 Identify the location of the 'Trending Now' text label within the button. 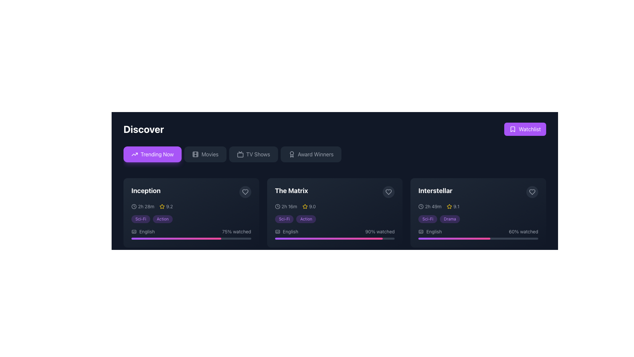
(157, 154).